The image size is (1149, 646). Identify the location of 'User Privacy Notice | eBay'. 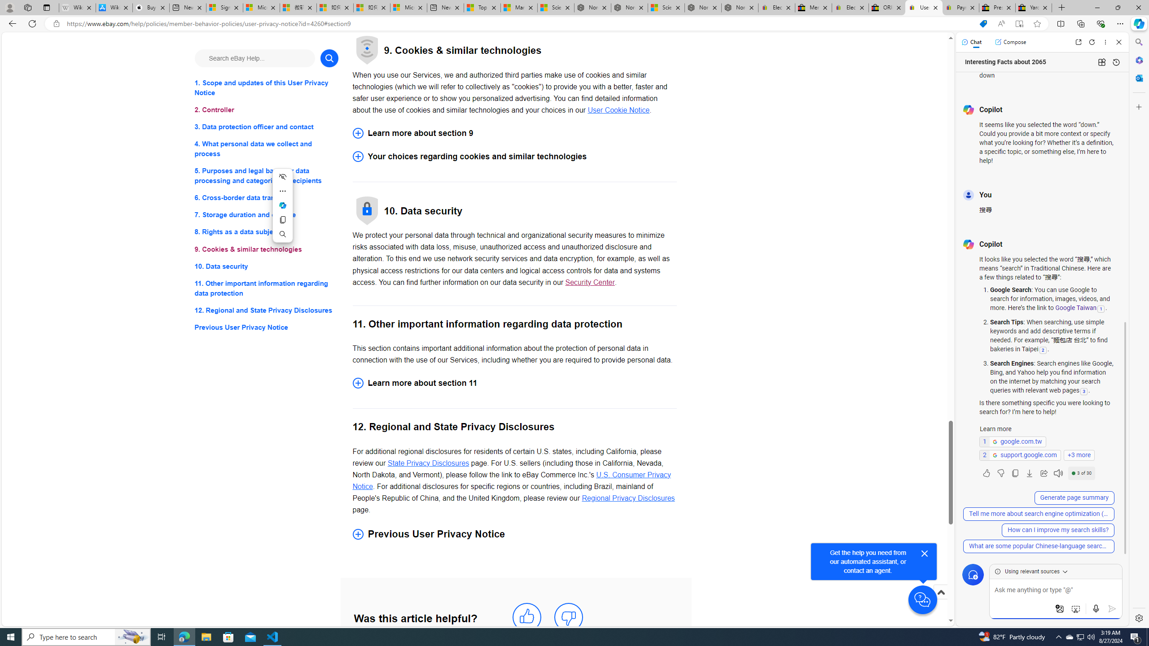
(924, 7).